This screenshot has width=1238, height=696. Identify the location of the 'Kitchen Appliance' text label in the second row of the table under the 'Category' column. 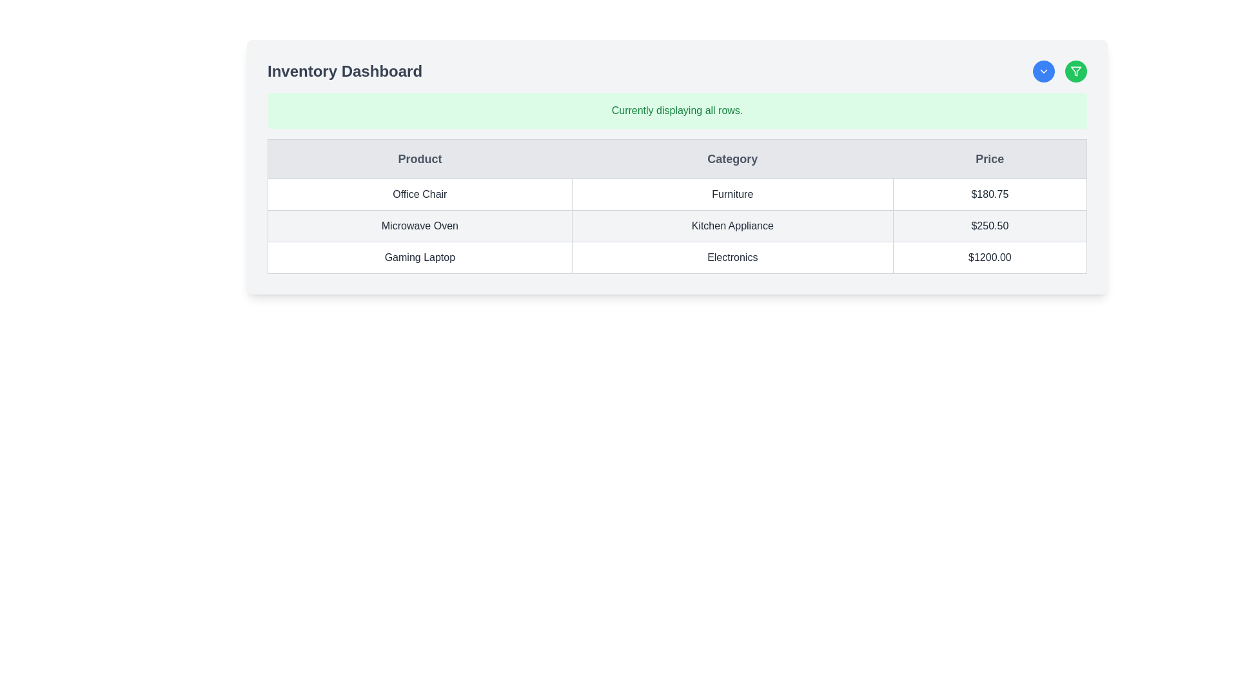
(732, 226).